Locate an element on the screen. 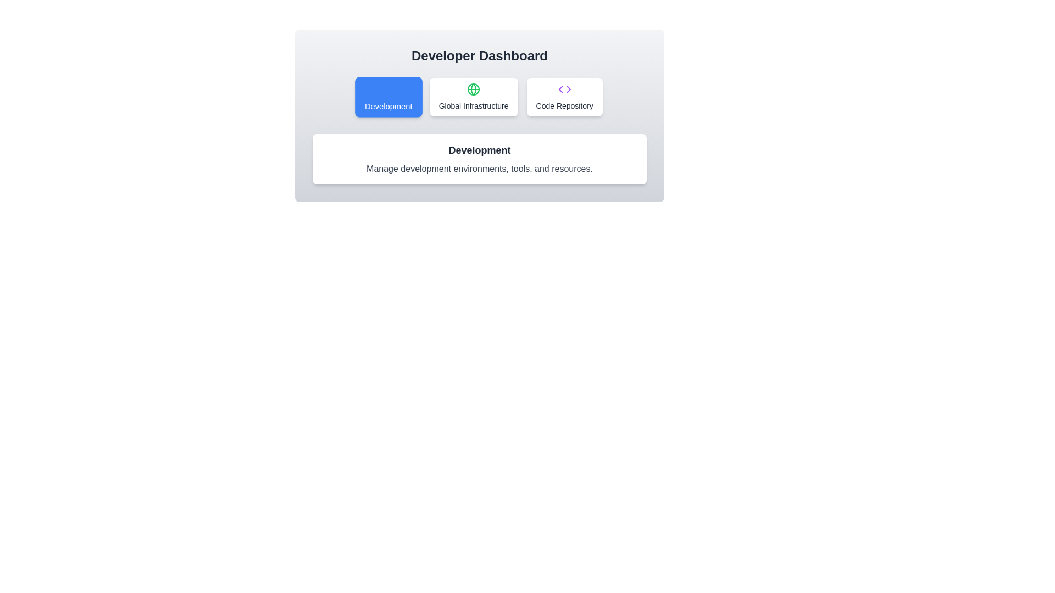 The image size is (1055, 593). the tab labeled Development to view its icon and content is located at coordinates (388, 97).